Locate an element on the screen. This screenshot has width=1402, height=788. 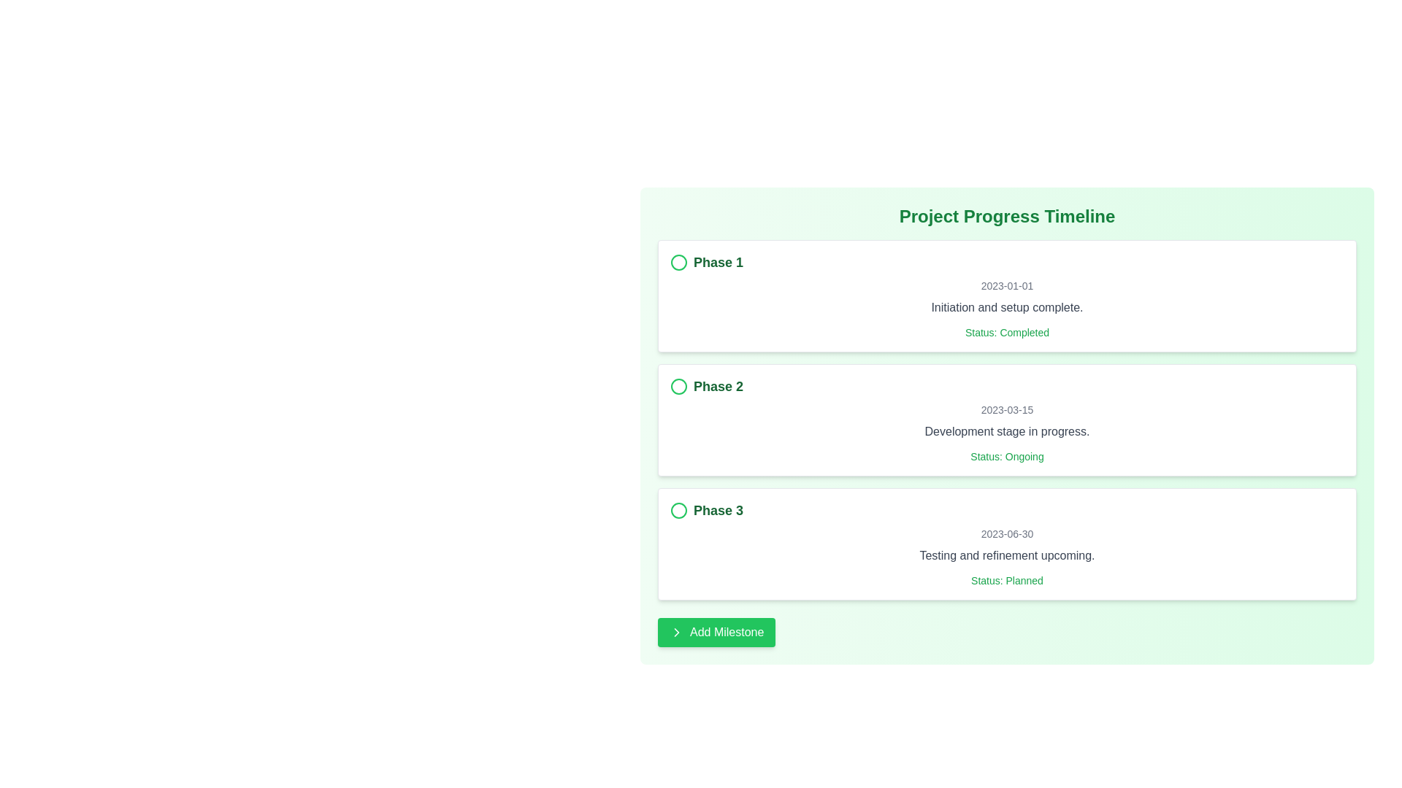
the Text Label displaying 'Testing and refinement upcoming.' which is styled with a gray font under the date '2023-06-30' as part of the information for 'Phase 3' is located at coordinates (1006, 556).